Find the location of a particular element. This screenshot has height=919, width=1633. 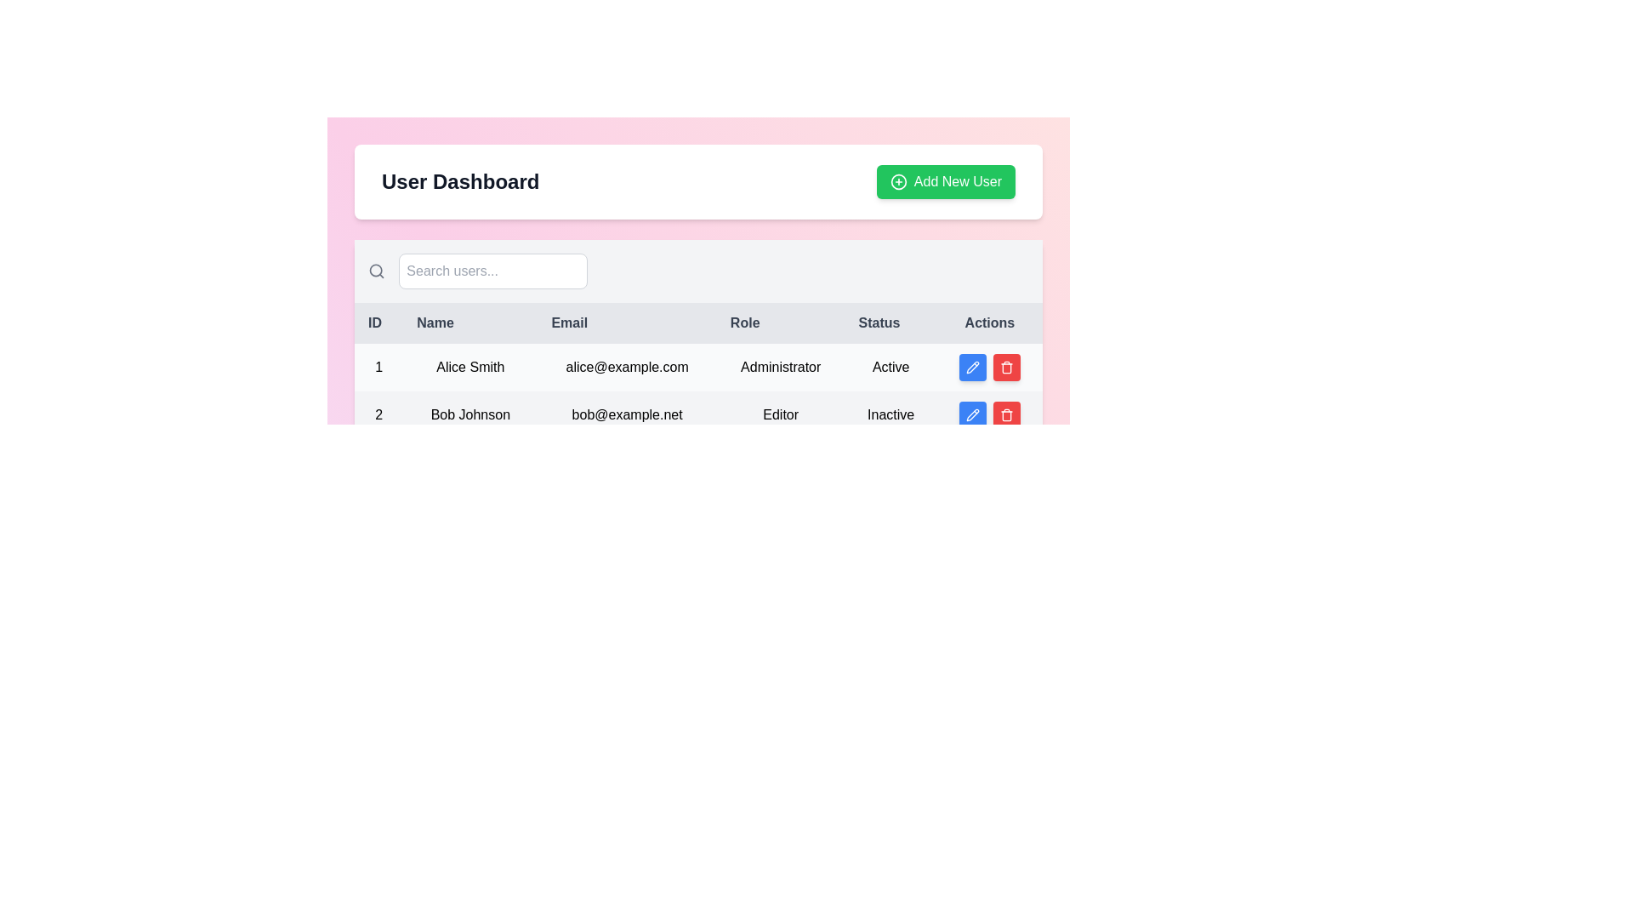

the pencil icon in the 'Actions' column next to 'Alice Smith' is located at coordinates (972, 367).